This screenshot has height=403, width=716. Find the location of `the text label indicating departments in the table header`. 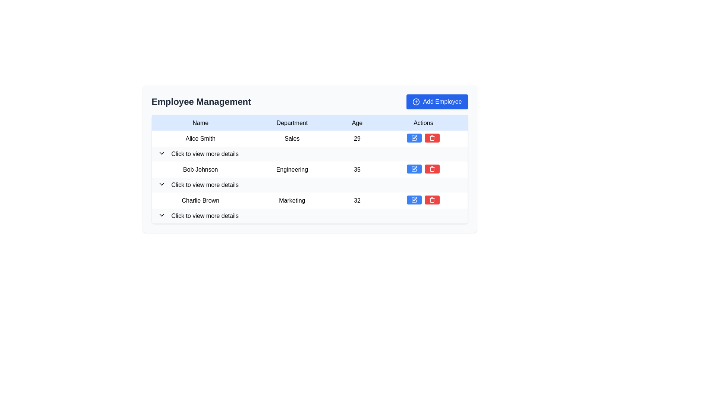

the text label indicating departments in the table header is located at coordinates (292, 122).